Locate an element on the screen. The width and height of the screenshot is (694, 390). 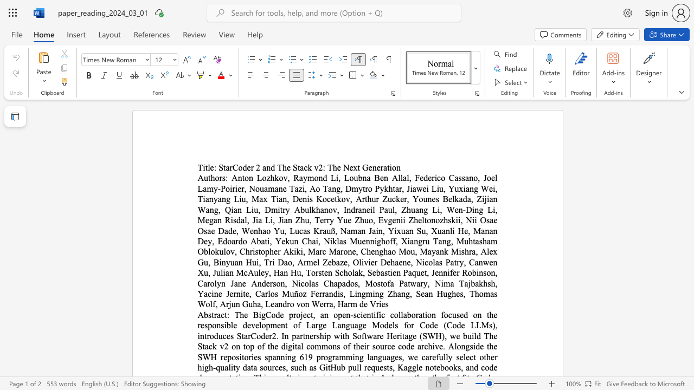
the subset text "e Tazi, Ao Tang, Dmytro Pykhtar, Jiawei Liu, Yuxiang Wei, Tianyang Liu, Max Tian, Denis Kocetkov, Arthur Zucker, Younes Belkada, Zijian Wang, Qian Liu, Dmitry Abulkhanov, Indraneil Paul, Zhuang Li, Wen-Ding Li, Megan Risdal, Jia Li, Jian Zhu, Terry Yue Zhuo, Evgenii Zheltonozhskii, Nii Osae Osae Dade, Wenhao Yu, Lucas Krauß, Naman Jain, Yixuan Su, Xuanli He, Manan Dey, Edoardo Abati, Yekun Chai, Niklas Muennighoff, Xiangru Tang, Muhtasham Oblokulov, Christopher Akiki, Marc Marone, Chenghao Mou, Mayank Mishra, Alex Gu, Binyuan Hui, Tri Dao, Armel Zebaze, Olivier D" within the text "Anton Lozhkov, Raymond Li, Loubna Ben Allal, Federico Cassano, Joel Lamy-Poirier, Nouamane Tazi, Ao Tang, Dmytro Pykhtar, Jiawei Liu, Yuxiang Wei, Tianyang Liu, Max Tian, Denis Kocetkov, Arthur Zucker, Younes Belkada, Zijian Wang, Qian Liu, Dmitry Abulkhanov, Indraneil Paul, Zhuang Li, Wen-Ding Li, Megan Risdal, Jia Li, Jian Zhu, Terry Yue Zhuo, Evgenii Zheltonozhskii, Nii Osae Osae Dade, Wenhao Yu, Lucas Krauß, Naman Jain, Yixuan Su, Xuanli He, Manan Dey, Edoardo Abati, Yekun Chai, Niklas Muennighoff, Xiangru Tang, Muhtasham Oblokulov, Christopher Akiki, Marc Marone, Chenghao Mou, Mayank Mishra, Alex Gu, Binyuan Hui, Tri Dao, Armel Zebaze, Olivier Dehaene, Nicolas Patry, Canwen Xu, Julian McAuley, Han Hu, Torsten Scholak, Sebastien Paquet, Jennifer Robinson, Carolyn Jane Anderson, Nicolas Chapados, Mostofa Patwary, Nima Tajbakhsh, Yacine Jernite, Carlos Muñoz Ferrandis, Lingming Zhang, Sean Hughes, Thomas Wolf, Arjun Guha, Leandro von Werra, Harm de Vries" is located at coordinates (282, 188).